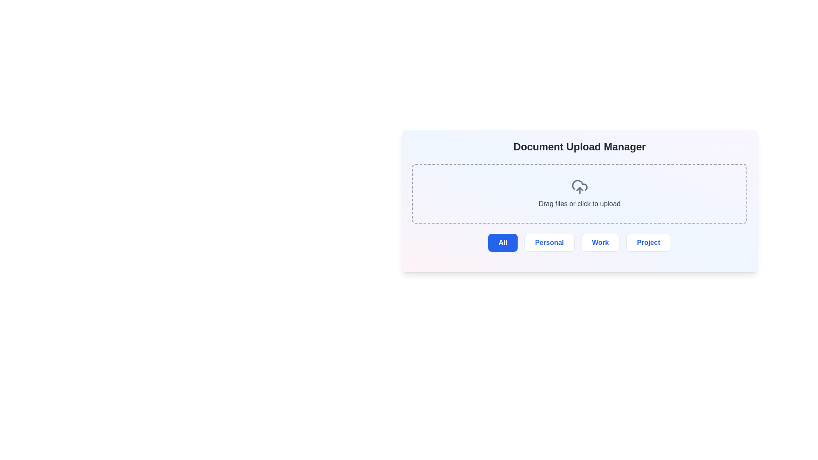 This screenshot has height=460, width=818. What do you see at coordinates (579, 194) in the screenshot?
I see `the file upload area located below the 'Document Upload Manager' title` at bounding box center [579, 194].